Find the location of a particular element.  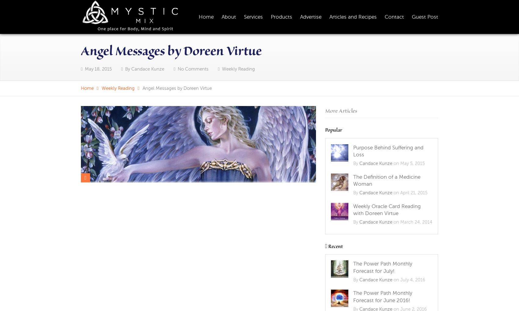

'on May 5, 2015' is located at coordinates (408, 163).